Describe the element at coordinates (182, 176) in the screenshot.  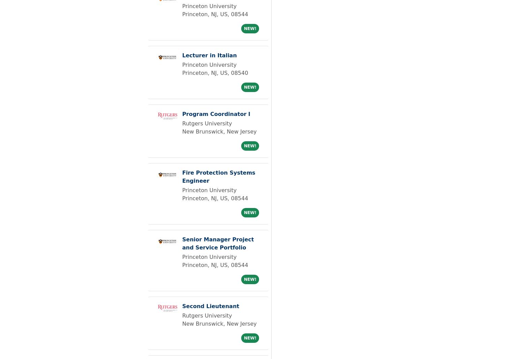
I see `'Fire Protection Systems Engineer'` at that location.